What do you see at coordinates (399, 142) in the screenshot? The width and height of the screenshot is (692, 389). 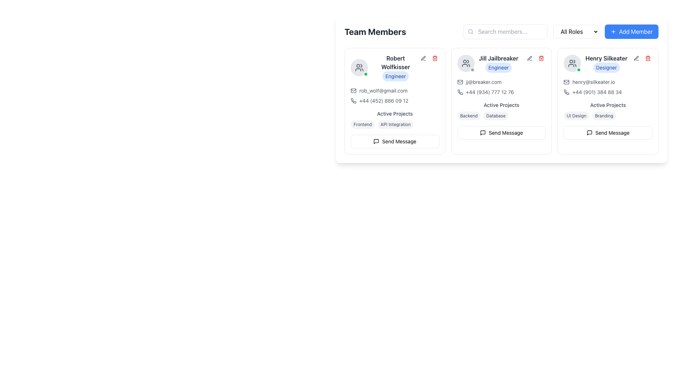 I see `'Send Message' text label to understand the button's function, which is located at the bottom of the card for 'Robert Wolfkisser'` at bounding box center [399, 142].